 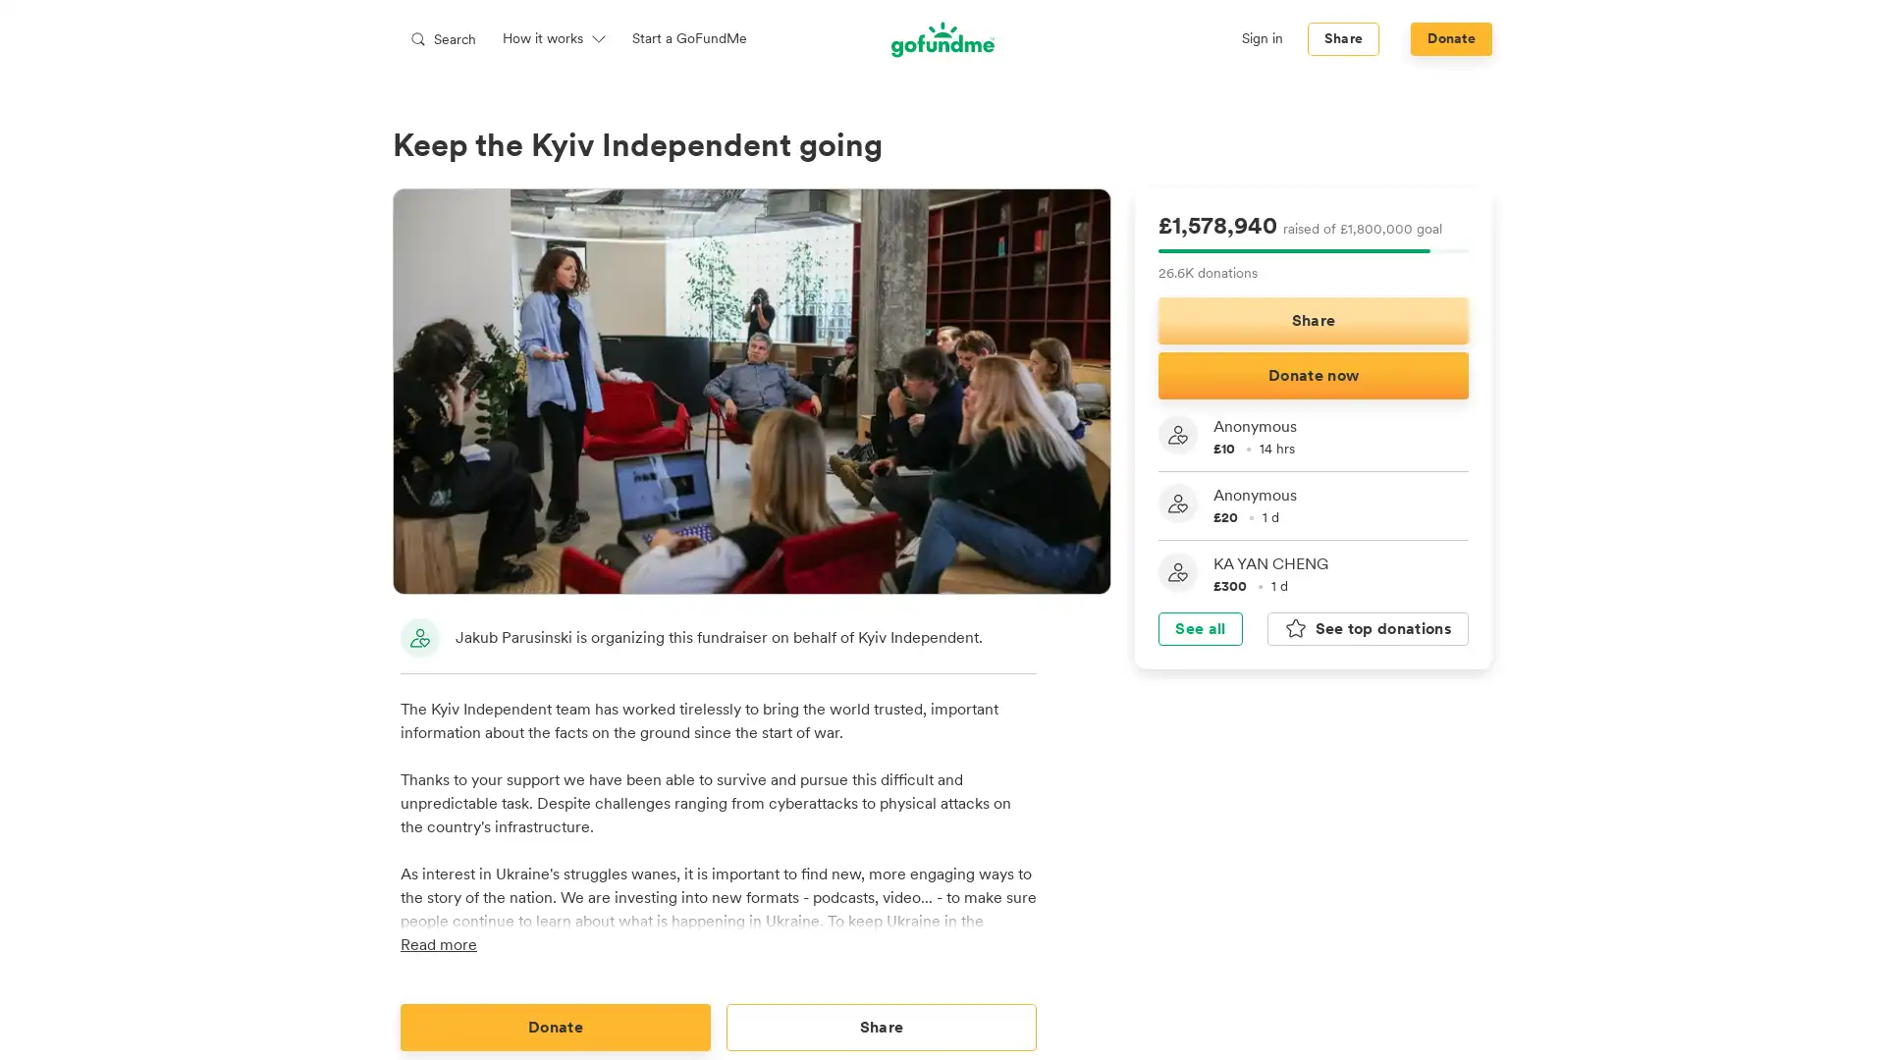 What do you see at coordinates (442, 38) in the screenshot?
I see `Search` at bounding box center [442, 38].